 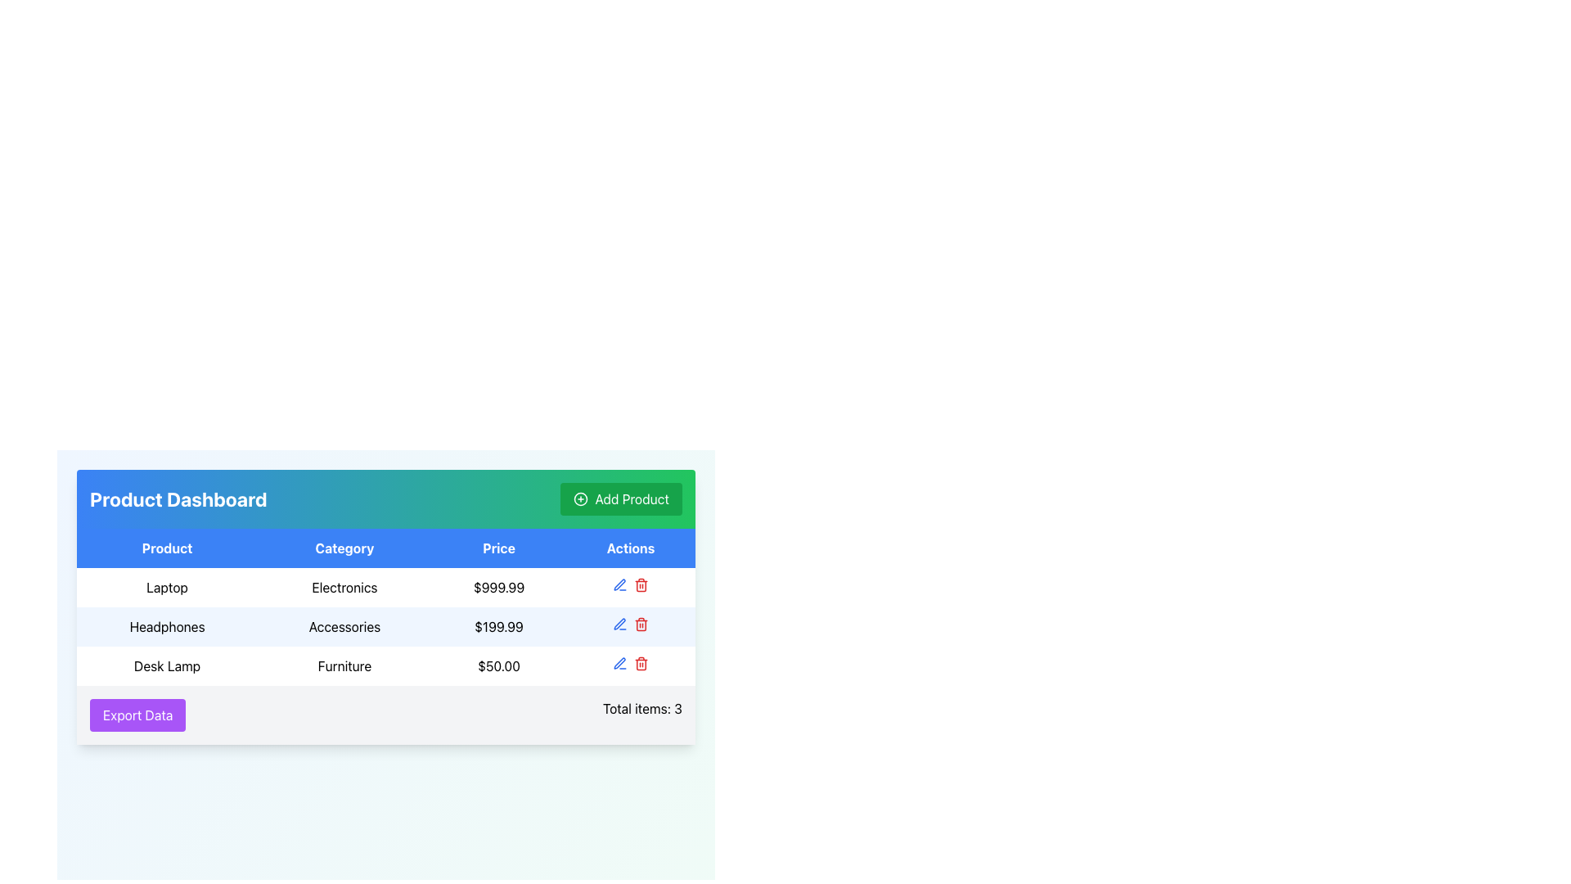 I want to click on the price display element showing '$50.00' in black font, which is located in the third column of the last table row for the product 'Desk Lamp', so click(x=497, y=665).